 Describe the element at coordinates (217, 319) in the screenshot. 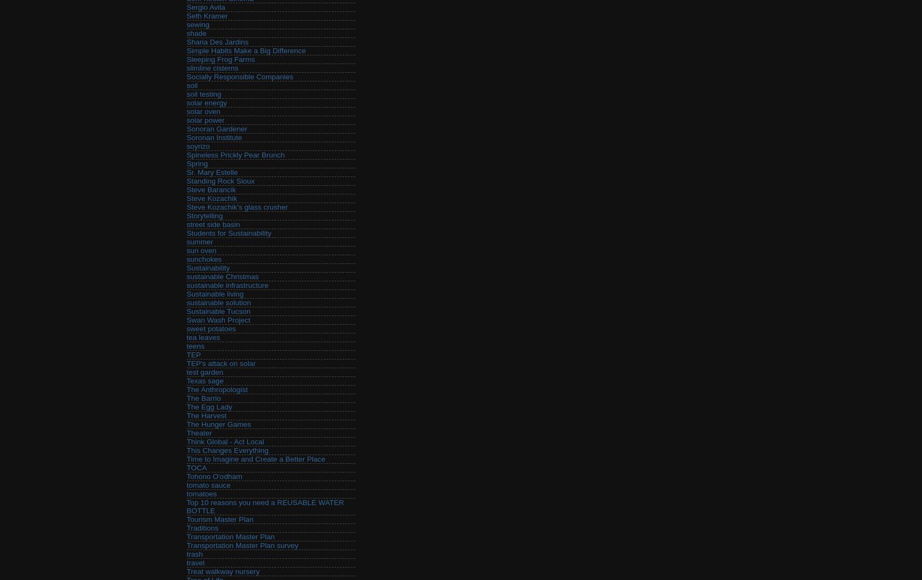

I see `'Swan Wash Project'` at that location.